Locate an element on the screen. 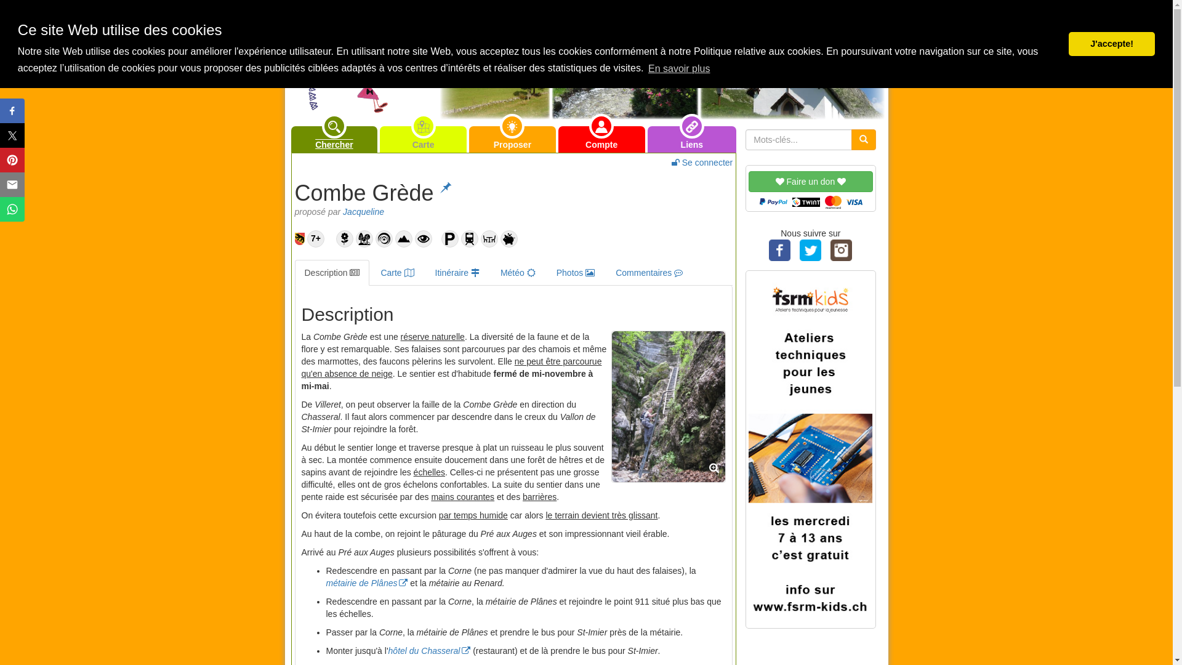 This screenshot has height=665, width=1182. 'Description' is located at coordinates (331, 272).